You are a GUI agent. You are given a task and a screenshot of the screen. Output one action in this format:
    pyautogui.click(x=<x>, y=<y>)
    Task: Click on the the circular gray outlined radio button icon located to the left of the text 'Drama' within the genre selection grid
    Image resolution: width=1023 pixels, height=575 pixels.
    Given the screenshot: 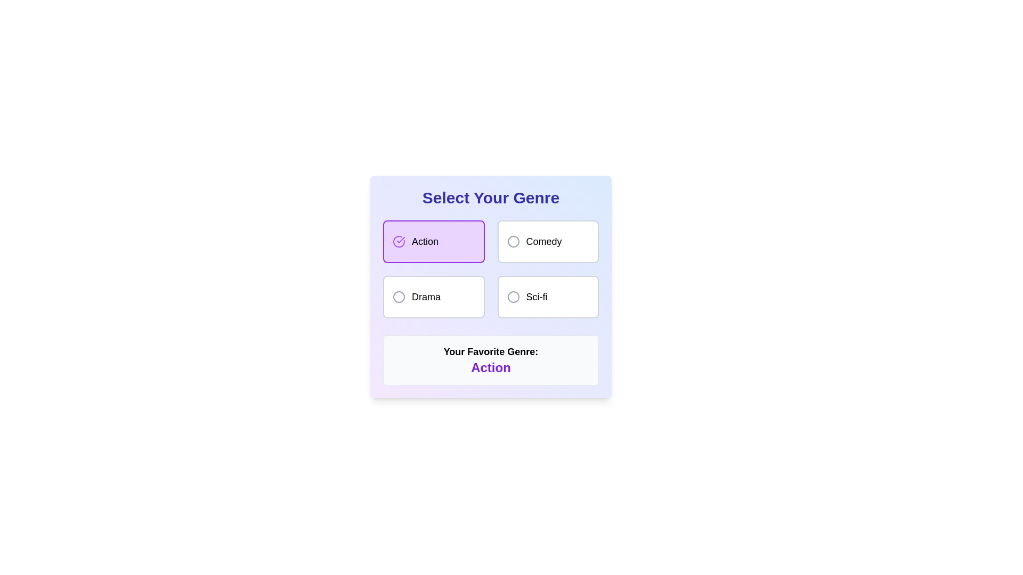 What is the action you would take?
    pyautogui.click(x=398, y=297)
    